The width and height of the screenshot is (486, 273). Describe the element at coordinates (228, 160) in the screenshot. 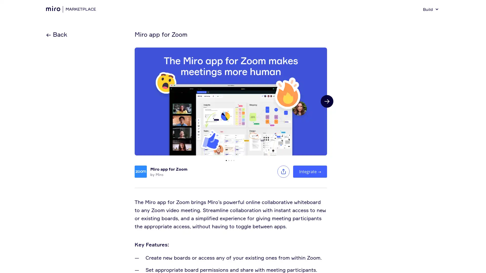

I see `Go to slide 2` at that location.